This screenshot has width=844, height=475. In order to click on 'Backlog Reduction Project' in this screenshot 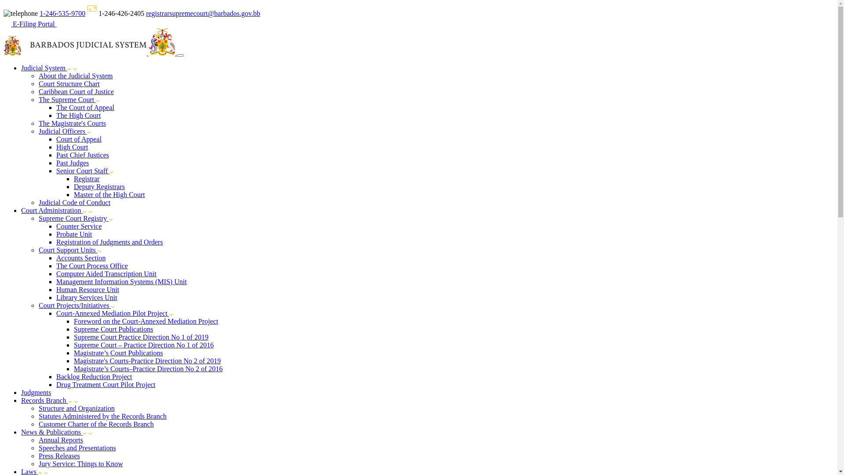, I will do `click(94, 376)`.